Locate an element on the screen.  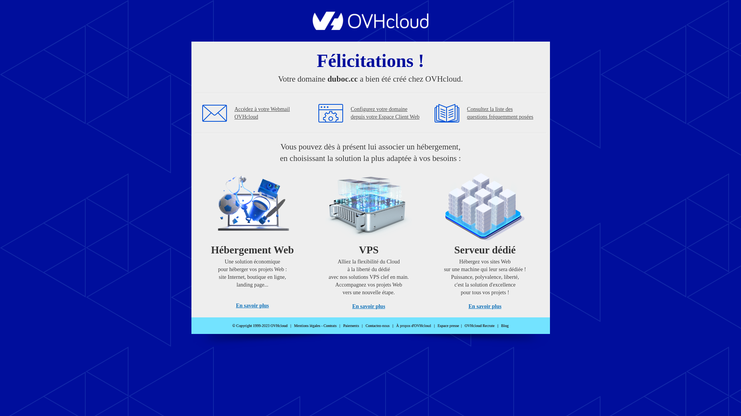
'Contactez-nous' is located at coordinates (377, 325).